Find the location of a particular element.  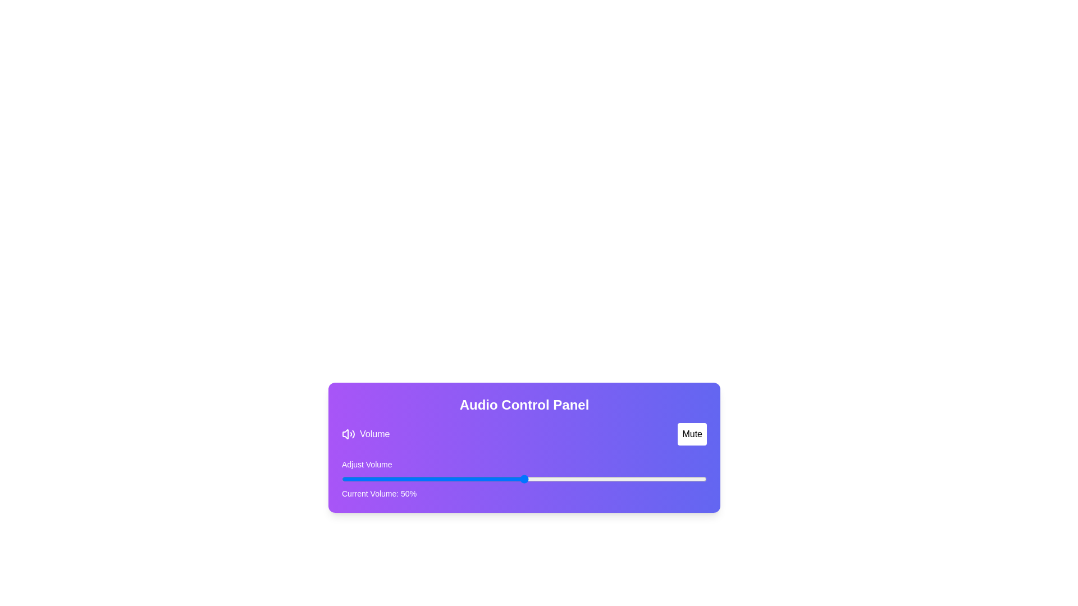

the Interactive Panel with a gradient background labeled 'Audio Control Panel' from its current position is located at coordinates (524, 447).